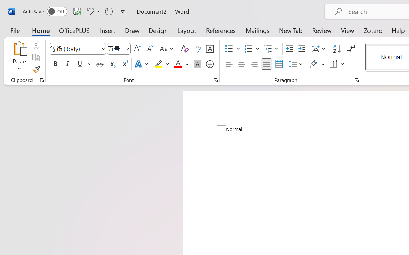  I want to click on 'Text Highlight Color', so click(162, 64).